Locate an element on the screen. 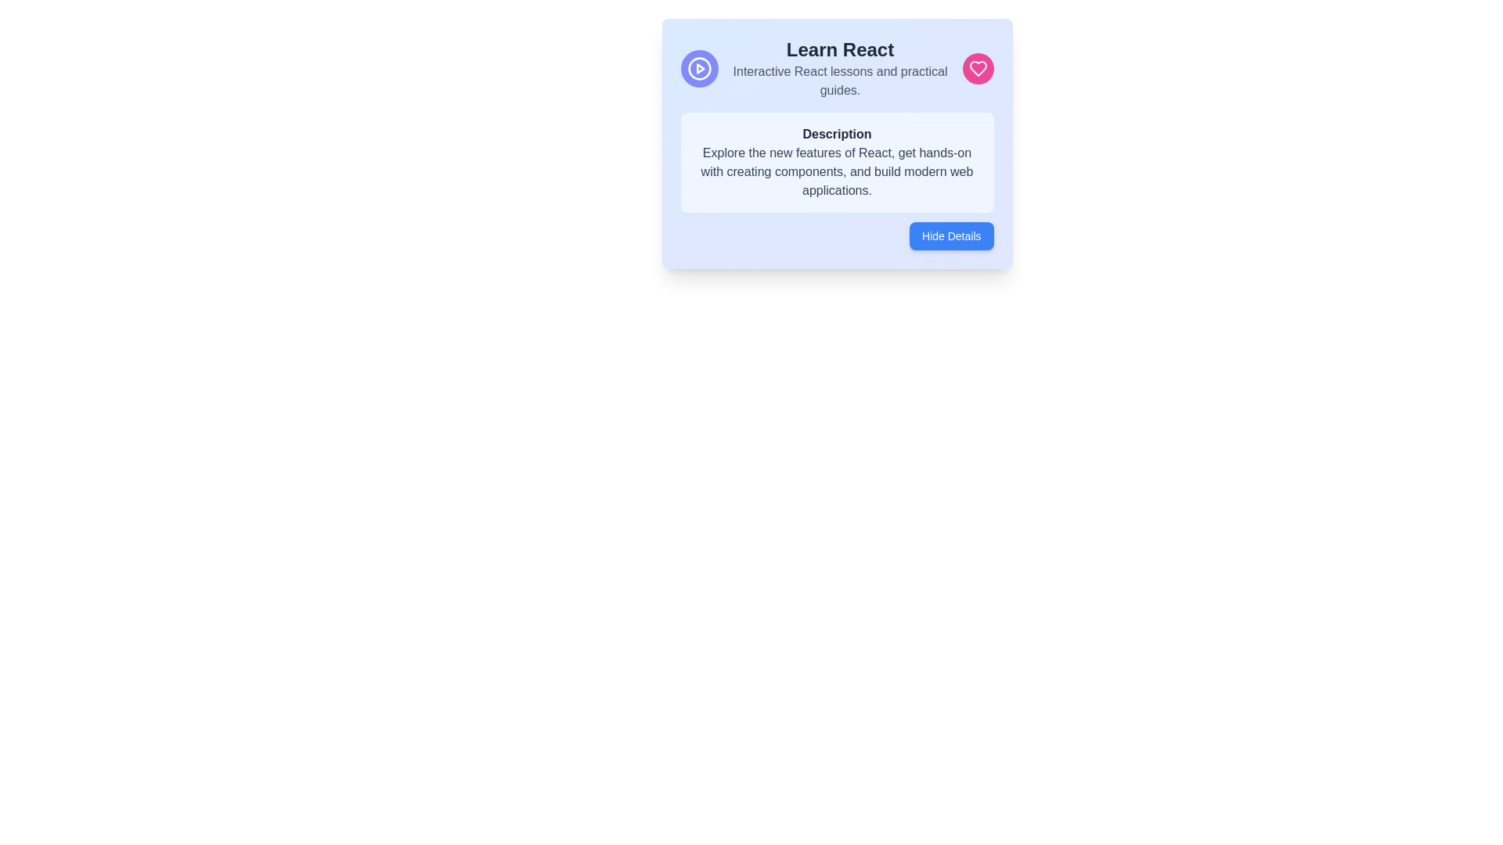  the bold and large header text that reads 'Learn React', which is positioned at the top of the information card is located at coordinates (839, 49).